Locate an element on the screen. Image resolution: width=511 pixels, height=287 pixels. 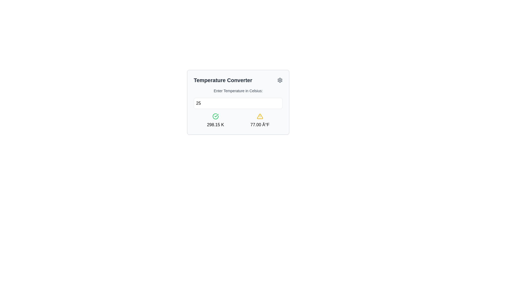
the cogwheel icon located at the upper-right corner of the 'Temperature Converter' card is located at coordinates (279, 80).